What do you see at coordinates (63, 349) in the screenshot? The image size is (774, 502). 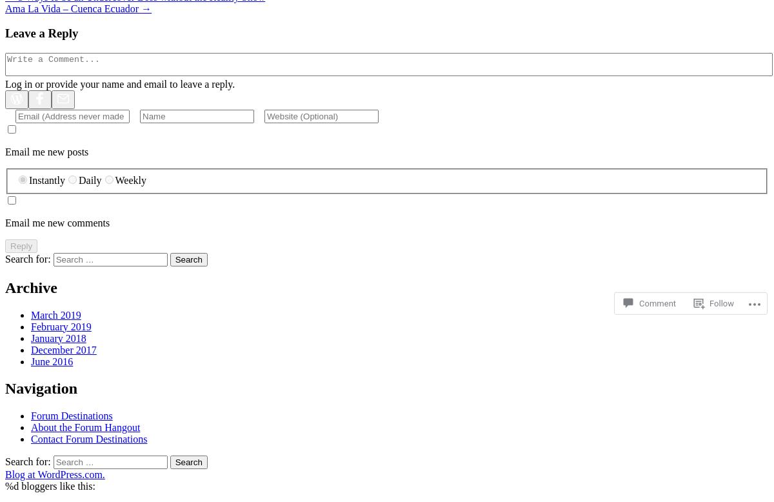 I see `'December 2017'` at bounding box center [63, 349].